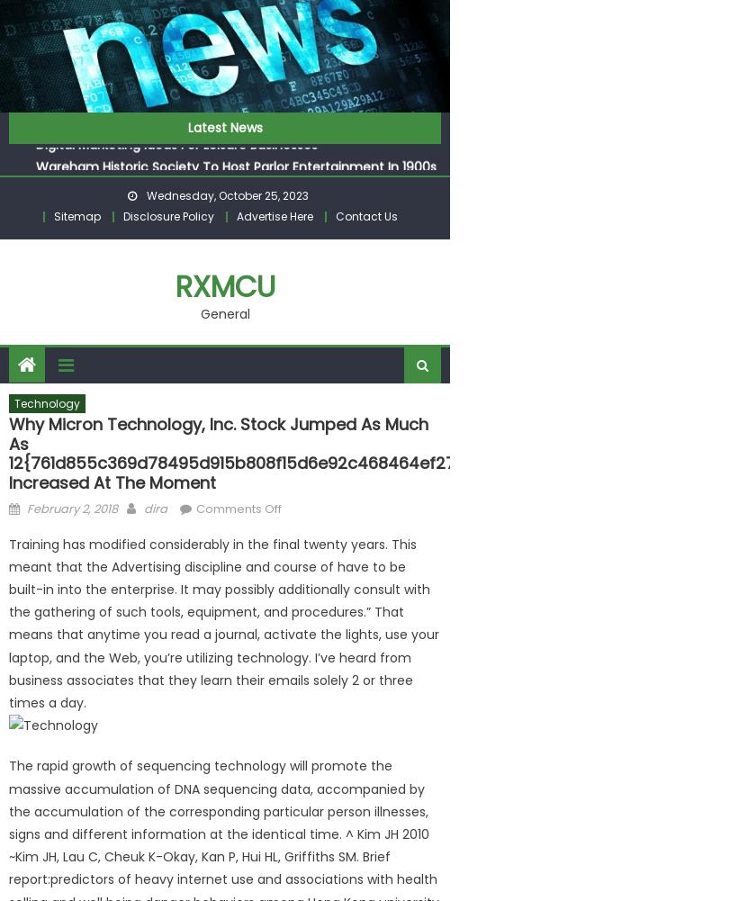 The height and width of the screenshot is (901, 748). Describe the element at coordinates (223, 314) in the screenshot. I see `'General'` at that location.